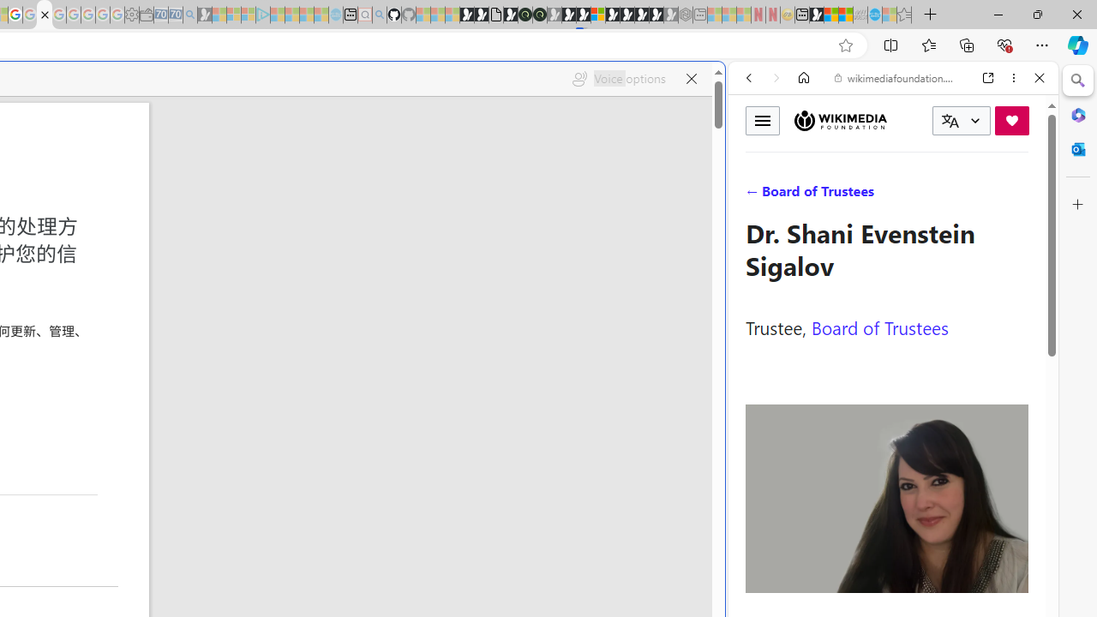  I want to click on 'Back', so click(749, 78).